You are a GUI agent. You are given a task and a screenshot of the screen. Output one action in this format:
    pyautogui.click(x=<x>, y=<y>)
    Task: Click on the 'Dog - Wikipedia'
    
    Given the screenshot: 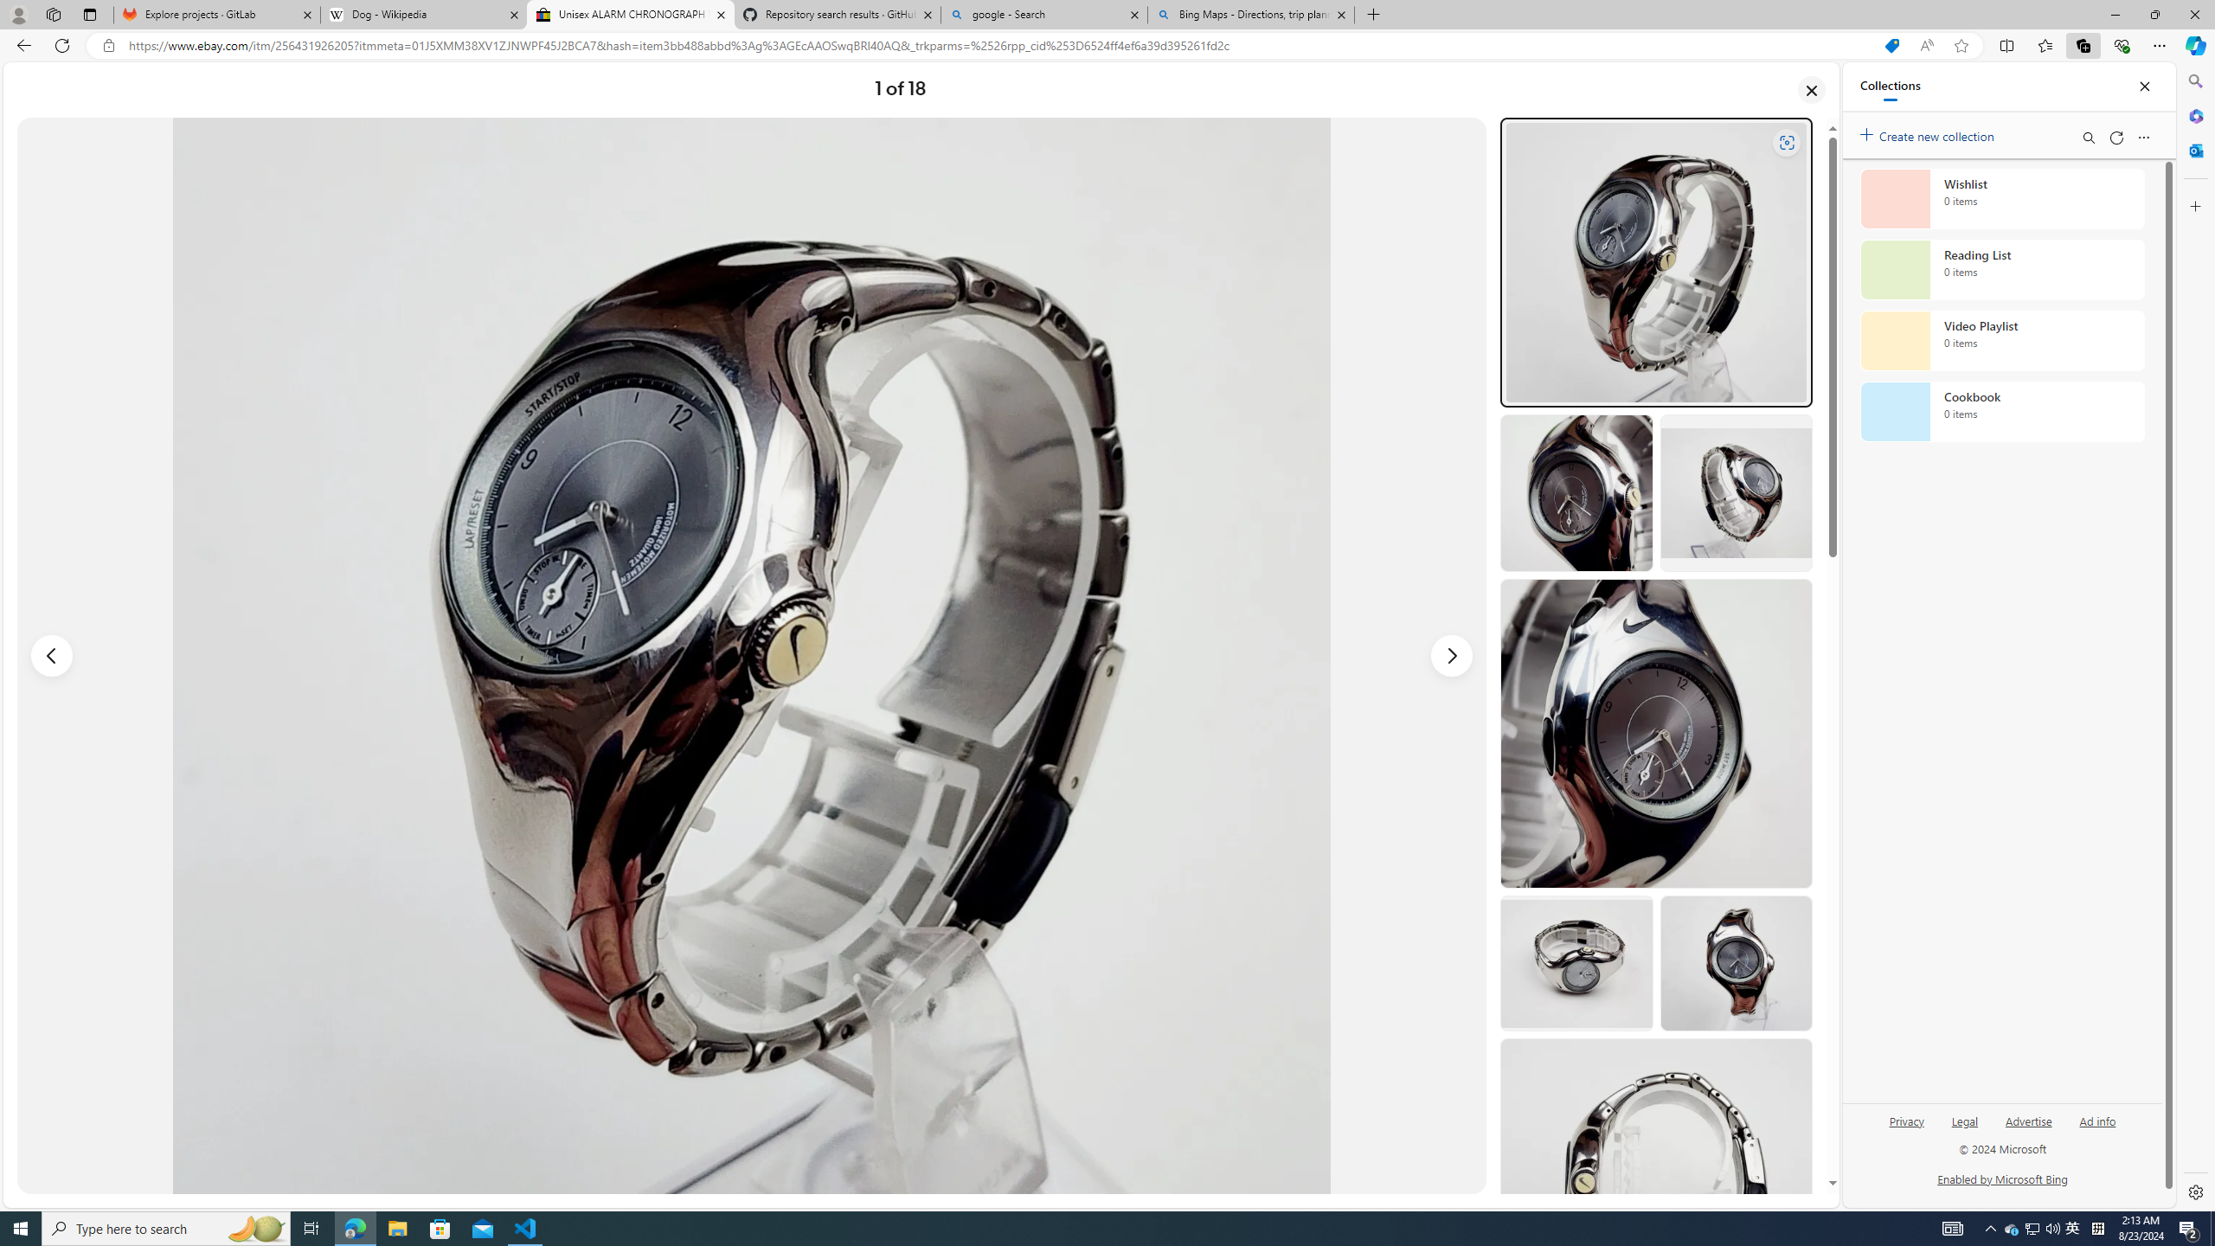 What is the action you would take?
    pyautogui.click(x=422, y=14)
    